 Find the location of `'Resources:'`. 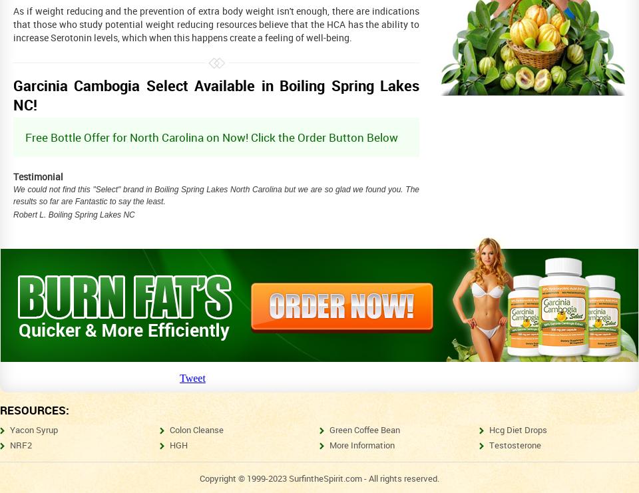

'Resources:' is located at coordinates (34, 410).